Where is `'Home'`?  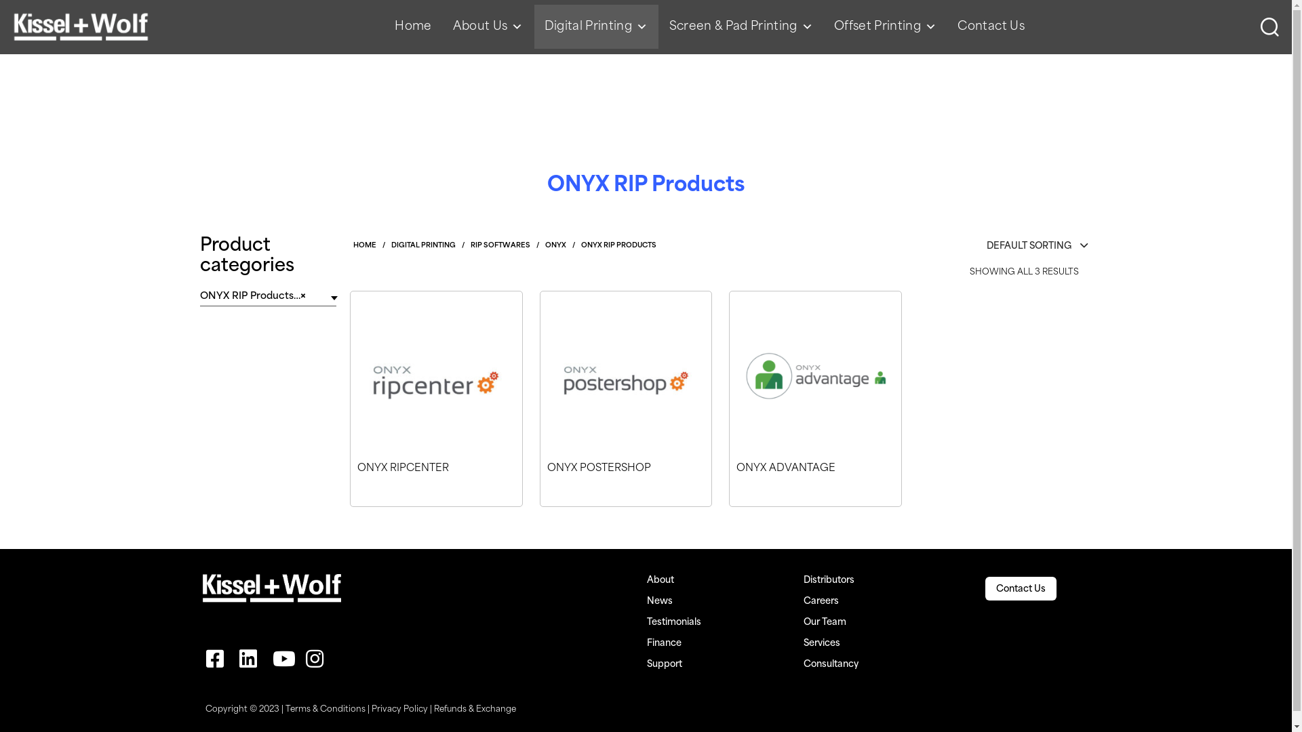
'Home' is located at coordinates (412, 26).